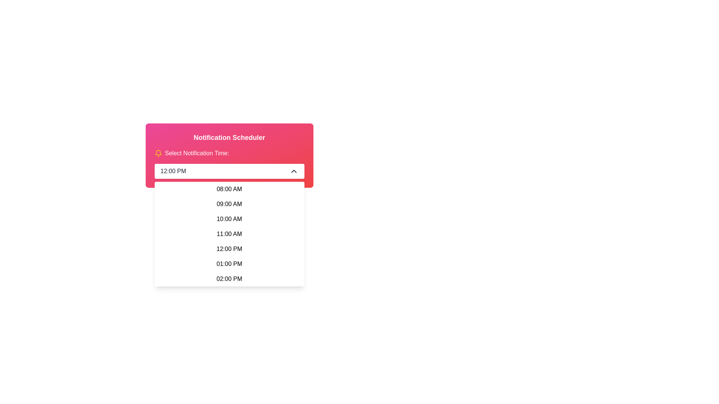 This screenshot has width=719, height=404. Describe the element at coordinates (229, 279) in the screenshot. I see `the selectable menu option displaying '02:00 PM'` at that location.